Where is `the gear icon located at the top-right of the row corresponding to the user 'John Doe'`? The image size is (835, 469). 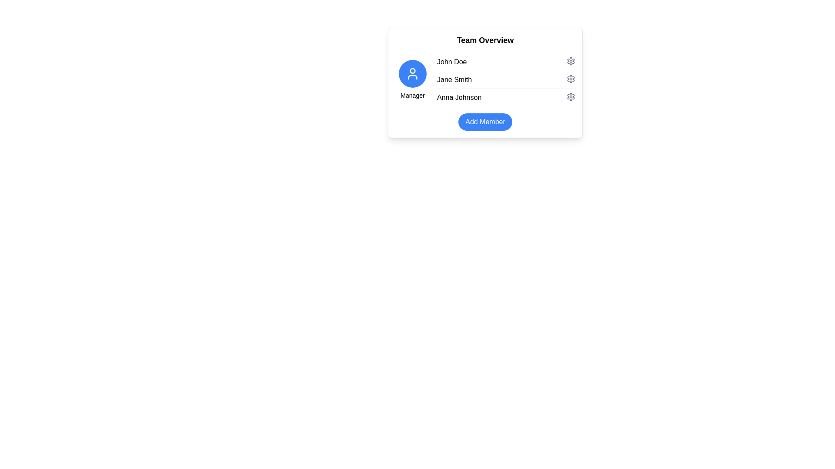 the gear icon located at the top-right of the row corresponding to the user 'John Doe' is located at coordinates (571, 61).